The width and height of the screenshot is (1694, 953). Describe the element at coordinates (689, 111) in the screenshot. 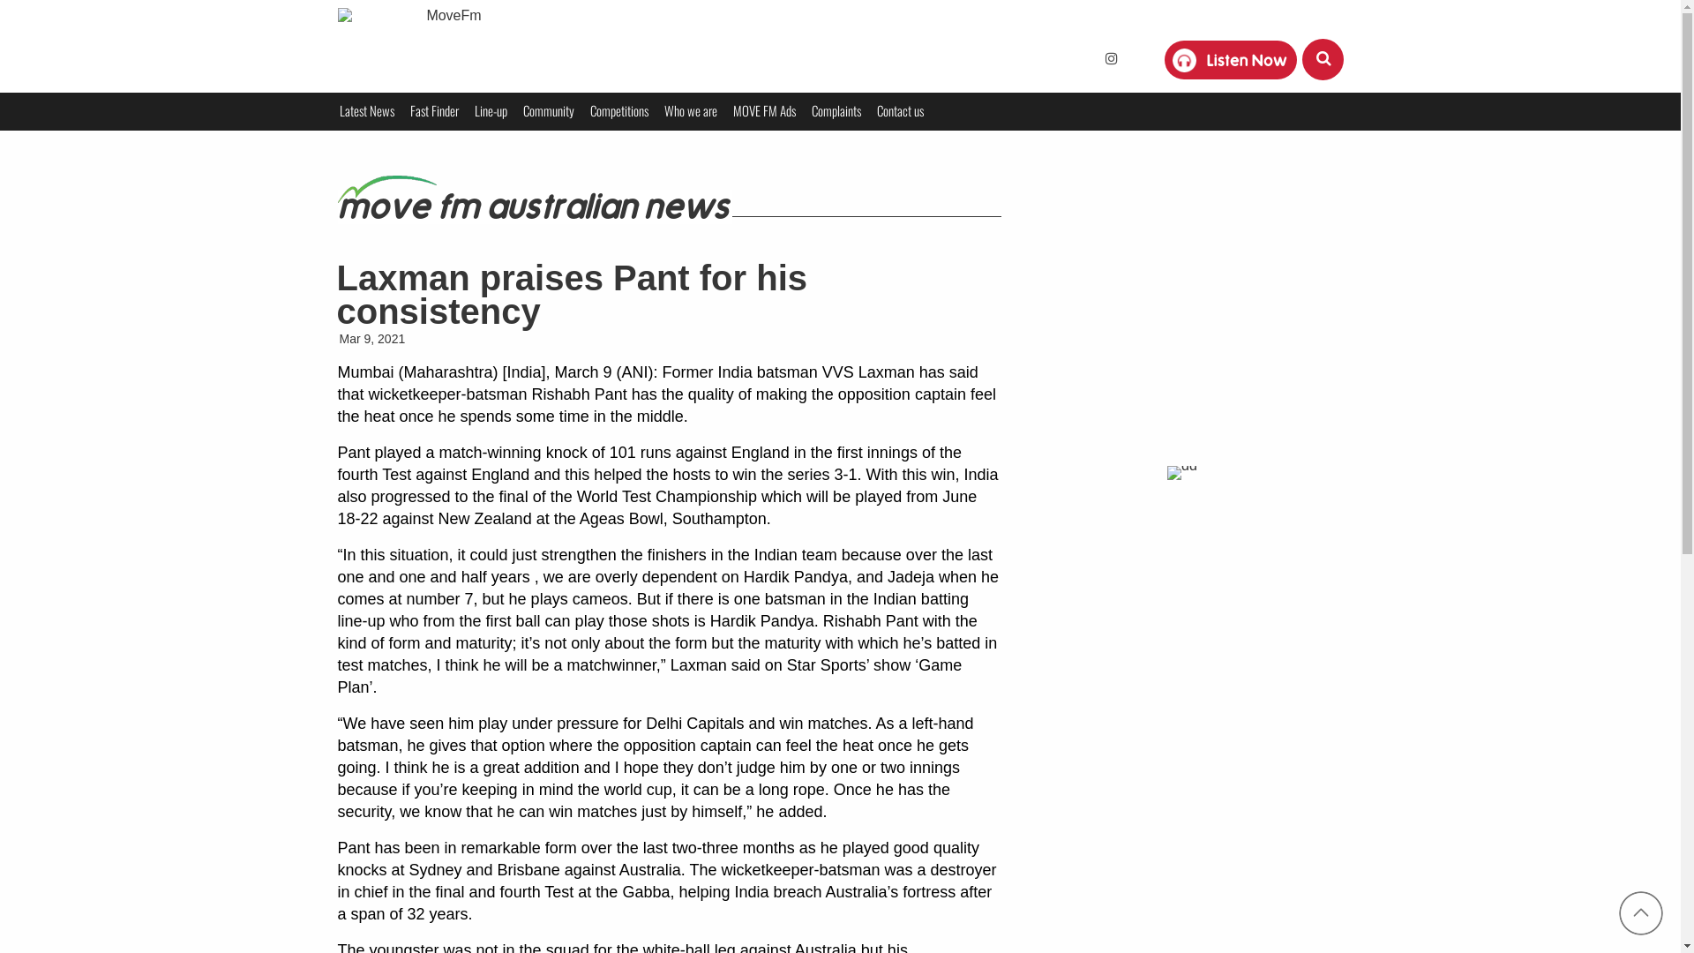

I see `'Who we are'` at that location.